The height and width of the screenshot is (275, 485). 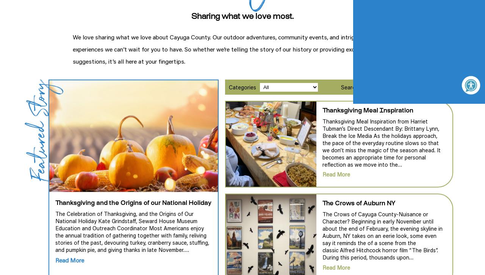 What do you see at coordinates (23, 130) in the screenshot?
I see `'Featured Story'` at bounding box center [23, 130].